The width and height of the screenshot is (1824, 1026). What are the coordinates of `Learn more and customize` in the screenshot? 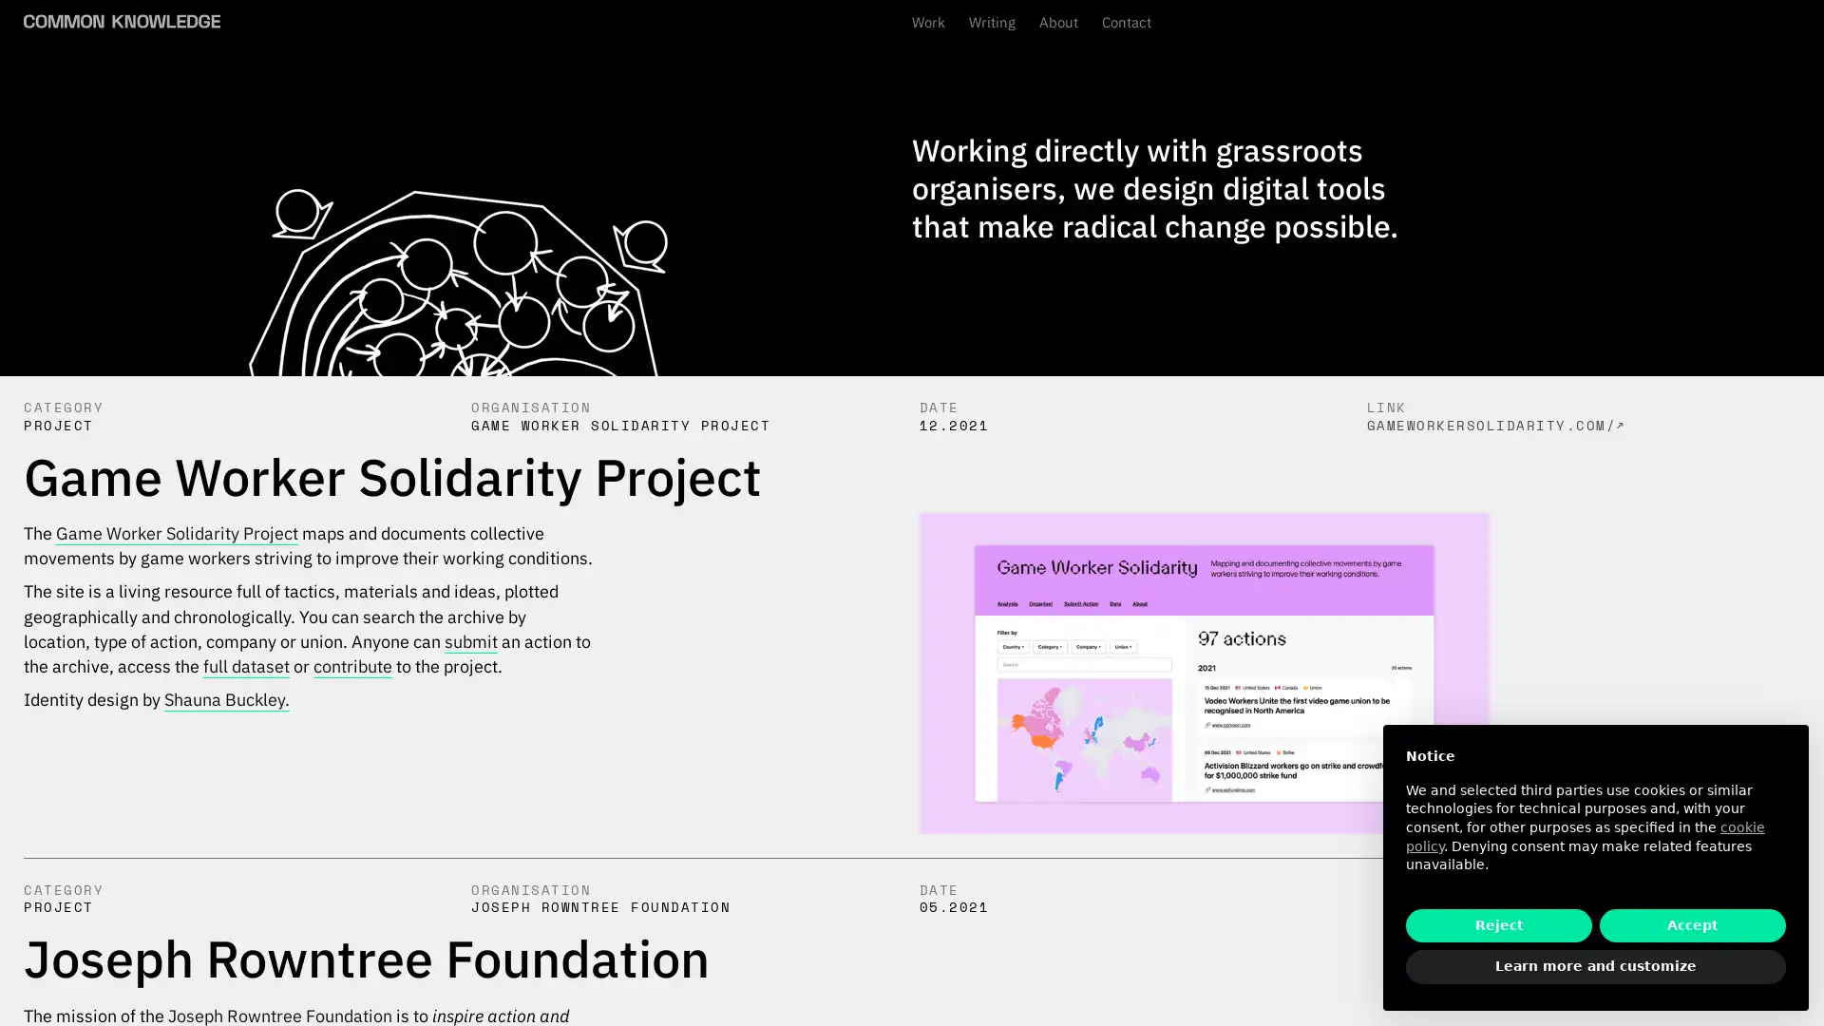 It's located at (1596, 967).